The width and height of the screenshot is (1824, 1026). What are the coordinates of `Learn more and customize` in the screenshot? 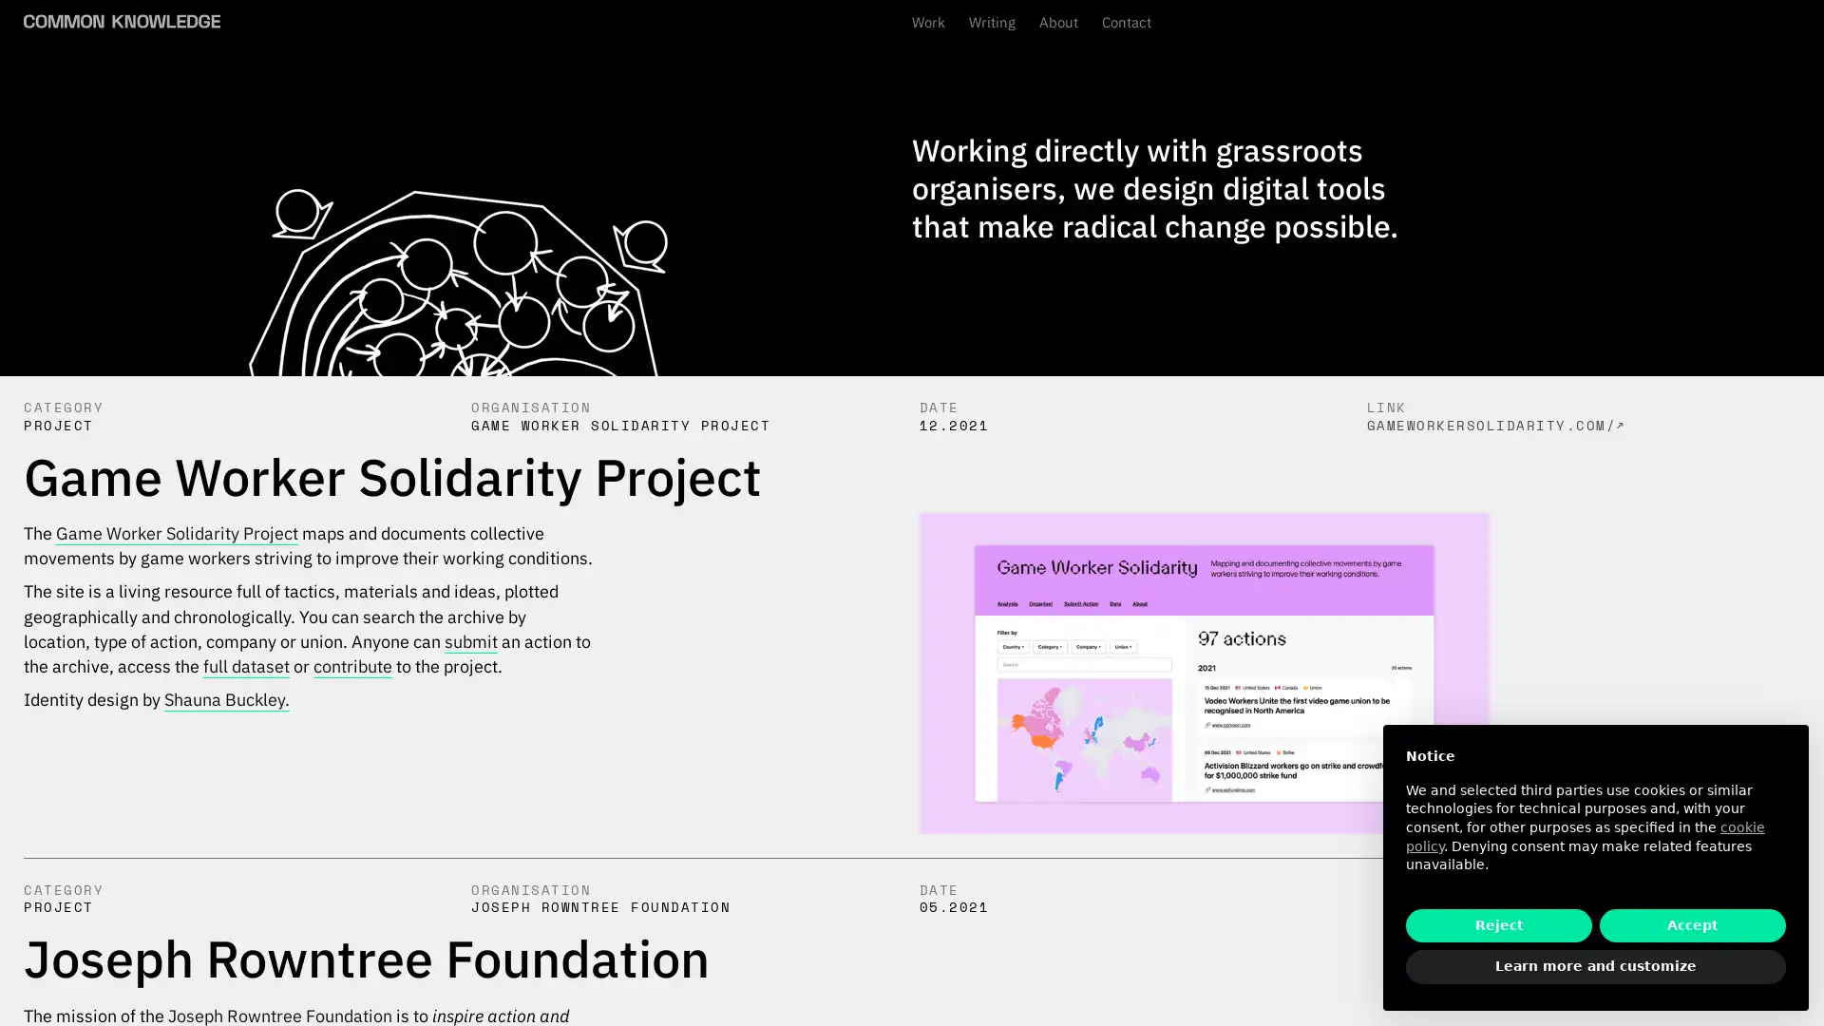 It's located at (1596, 967).